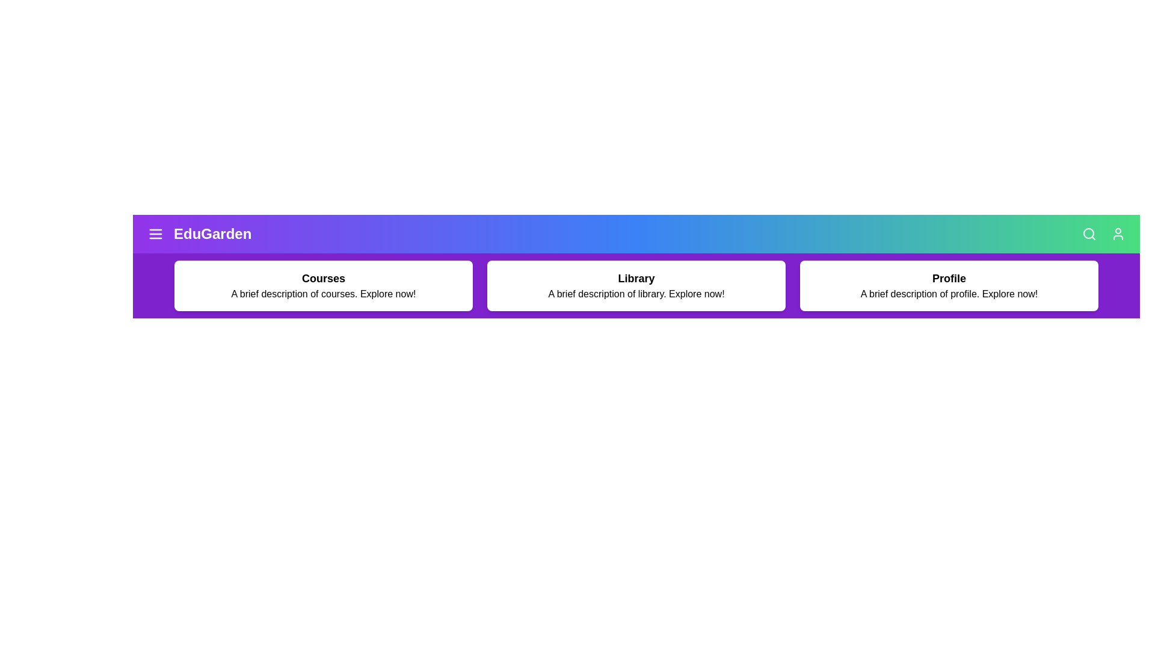 The width and height of the screenshot is (1155, 650). Describe the element at coordinates (1117, 234) in the screenshot. I see `the user icon to access user-specific options` at that location.